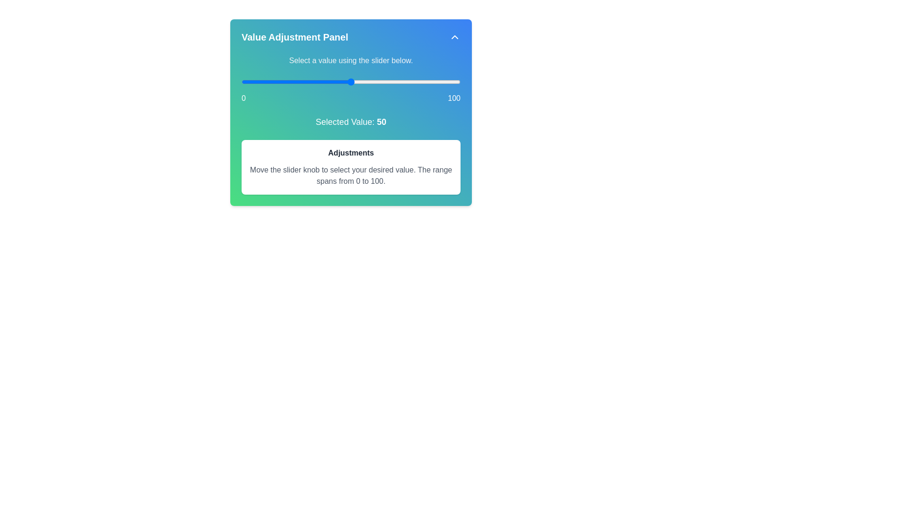 The height and width of the screenshot is (509, 906). What do you see at coordinates (250, 81) in the screenshot?
I see `the slider value` at bounding box center [250, 81].